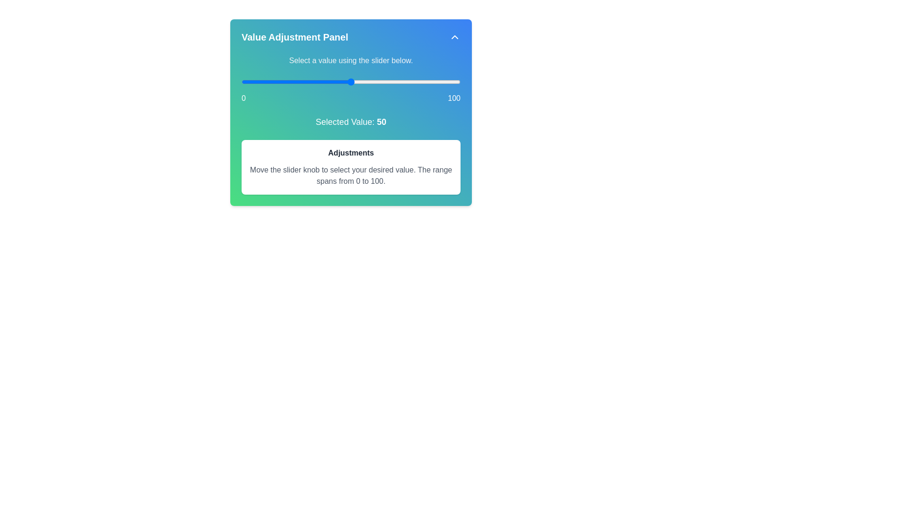 The height and width of the screenshot is (509, 906). What do you see at coordinates (250, 81) in the screenshot?
I see `the slider value` at bounding box center [250, 81].